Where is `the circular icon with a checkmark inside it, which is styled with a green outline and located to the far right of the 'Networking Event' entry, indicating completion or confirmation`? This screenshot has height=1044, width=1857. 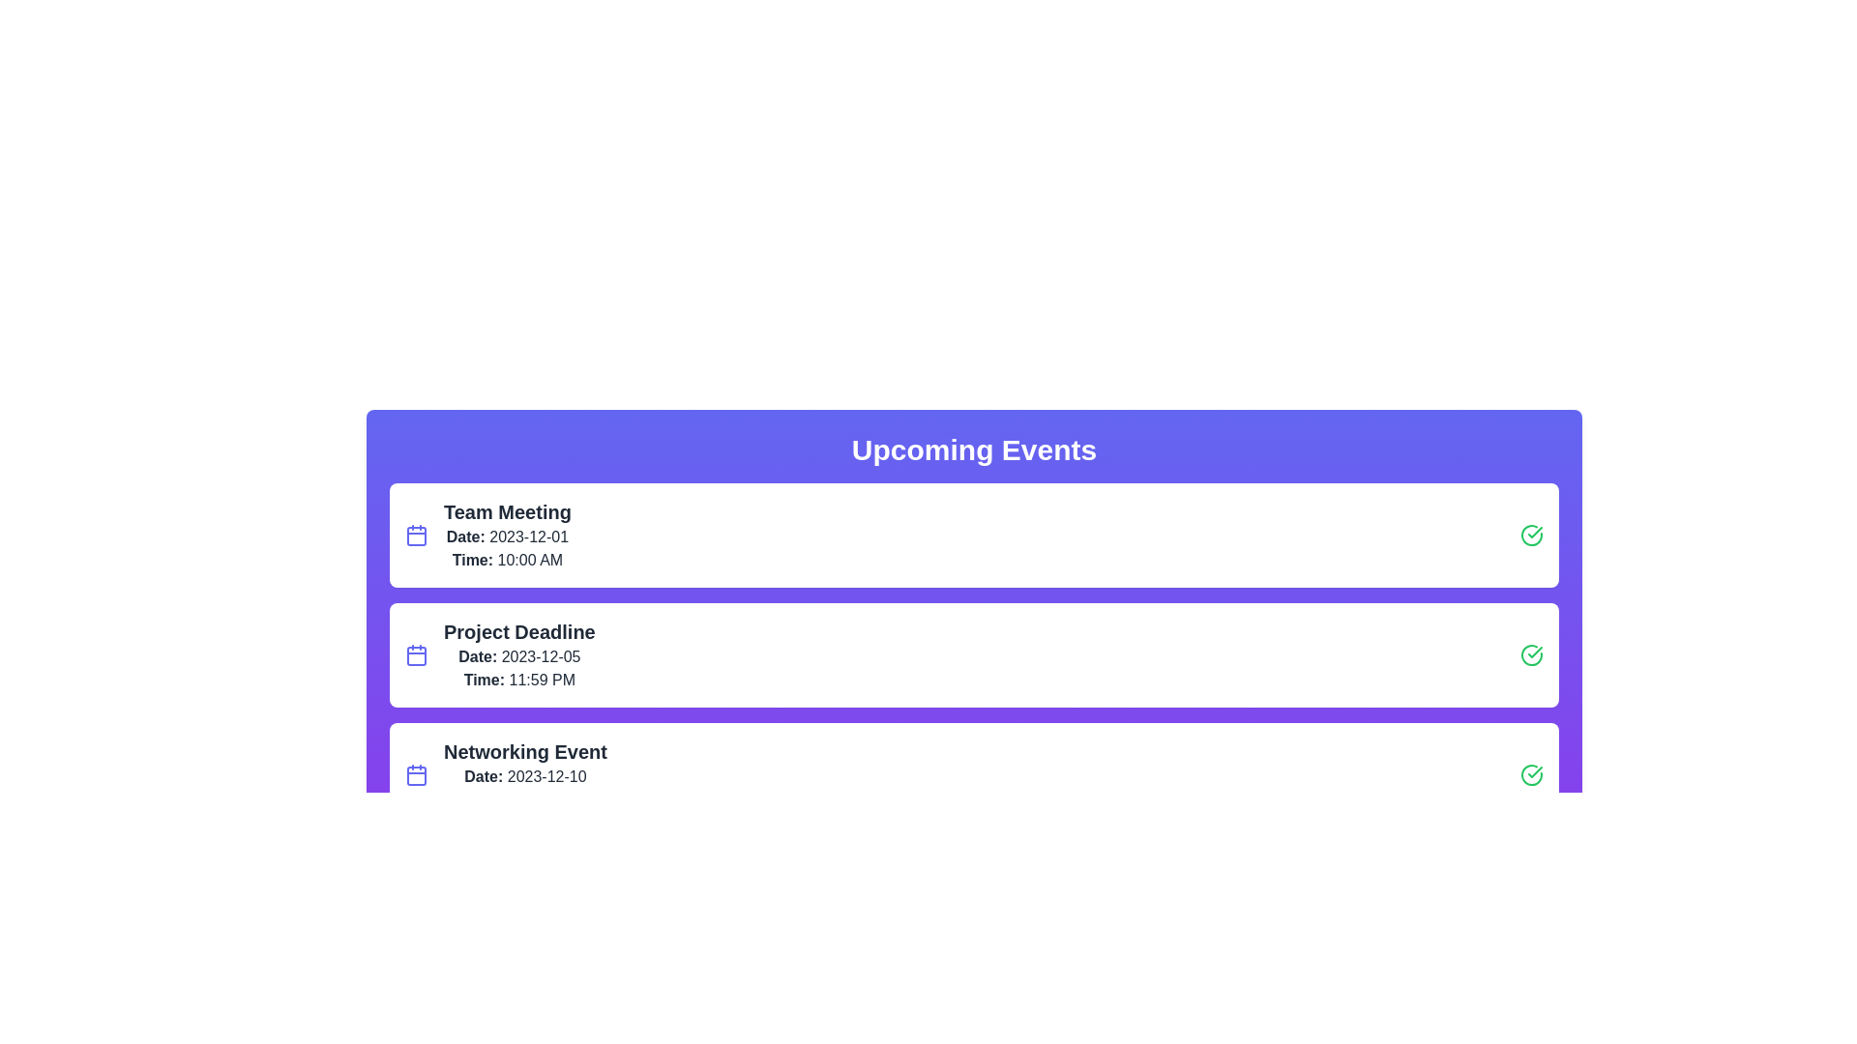
the circular icon with a checkmark inside it, which is styled with a green outline and located to the far right of the 'Networking Event' entry, indicating completion or confirmation is located at coordinates (1531, 774).